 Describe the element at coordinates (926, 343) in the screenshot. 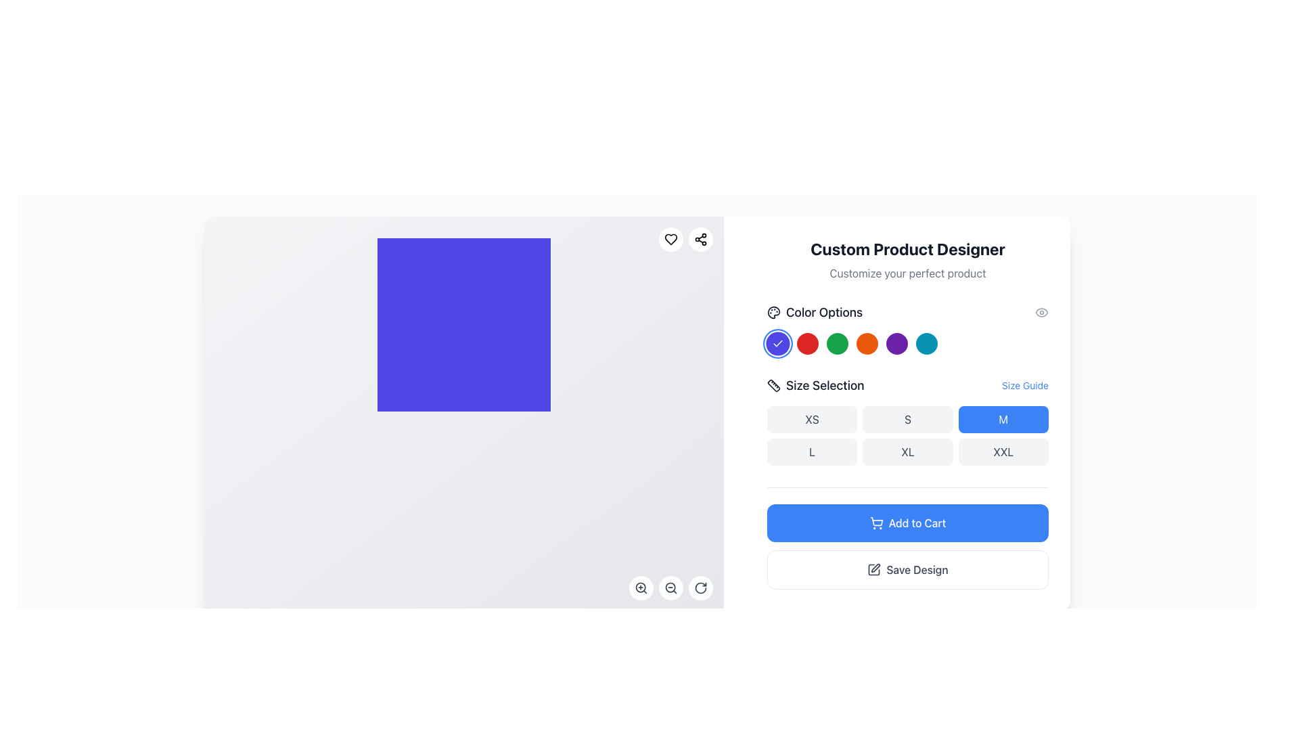

I see `the eighth circular button in the 'Color Options' section to observe the scale animation for selecting the teal color option` at that location.